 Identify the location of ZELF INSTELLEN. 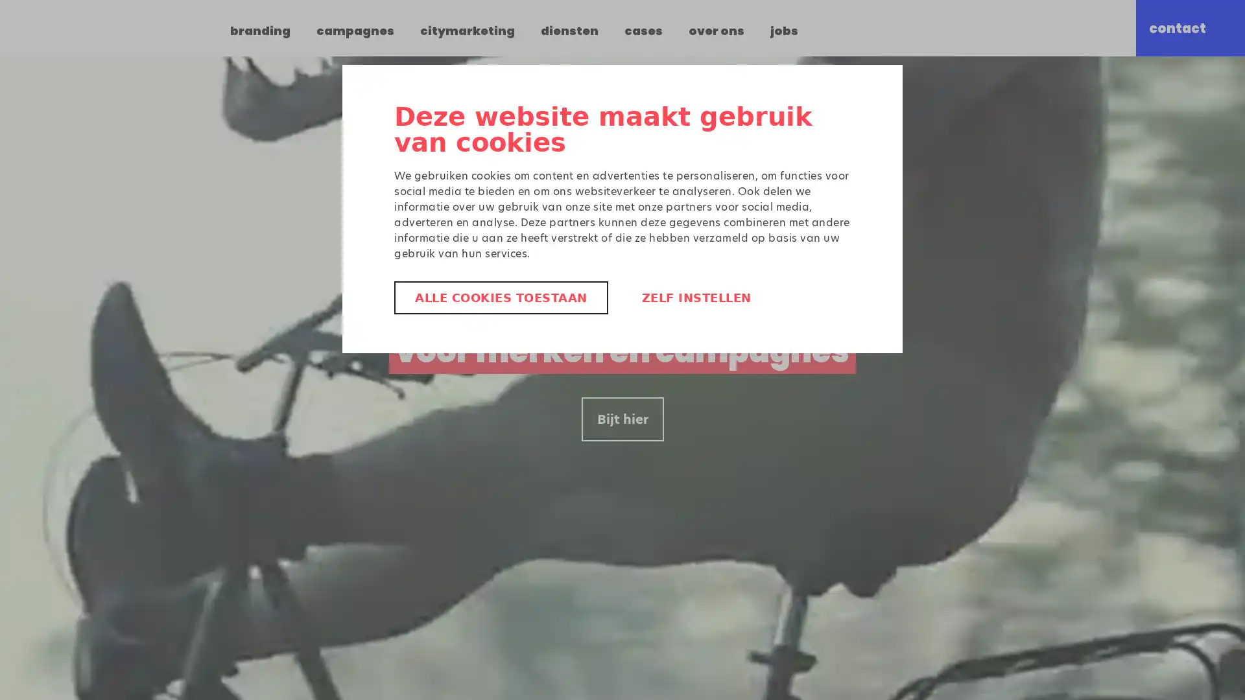
(695, 297).